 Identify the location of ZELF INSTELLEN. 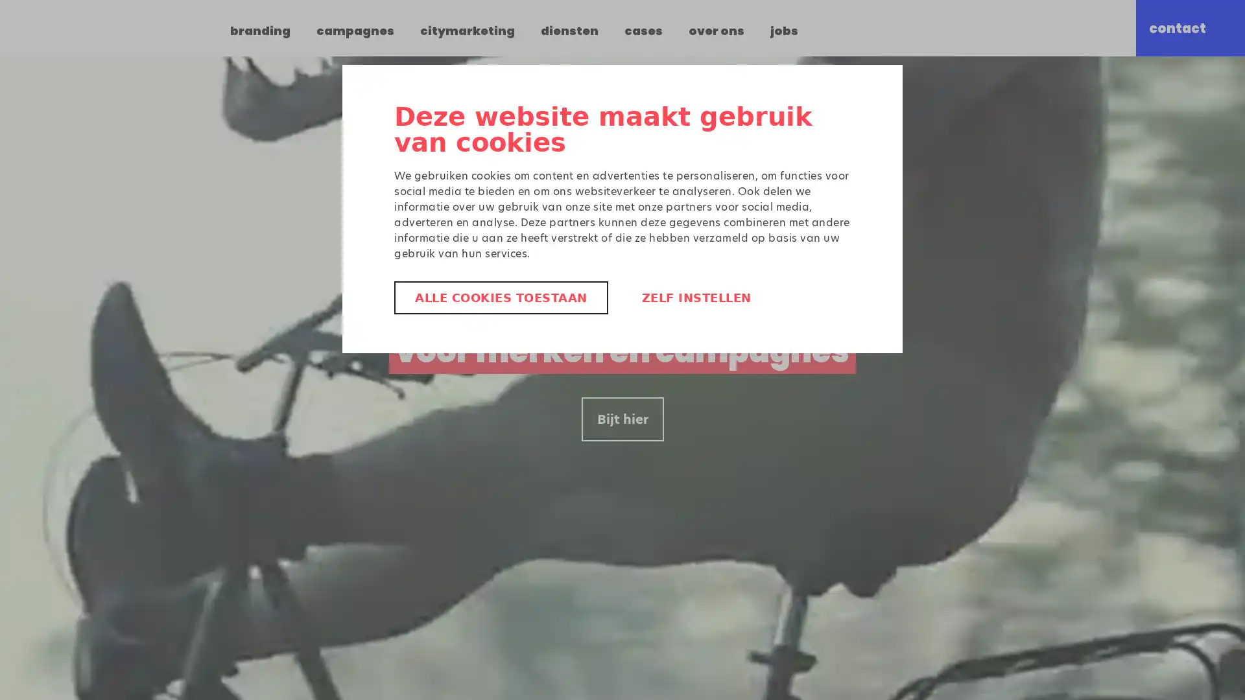
(695, 297).